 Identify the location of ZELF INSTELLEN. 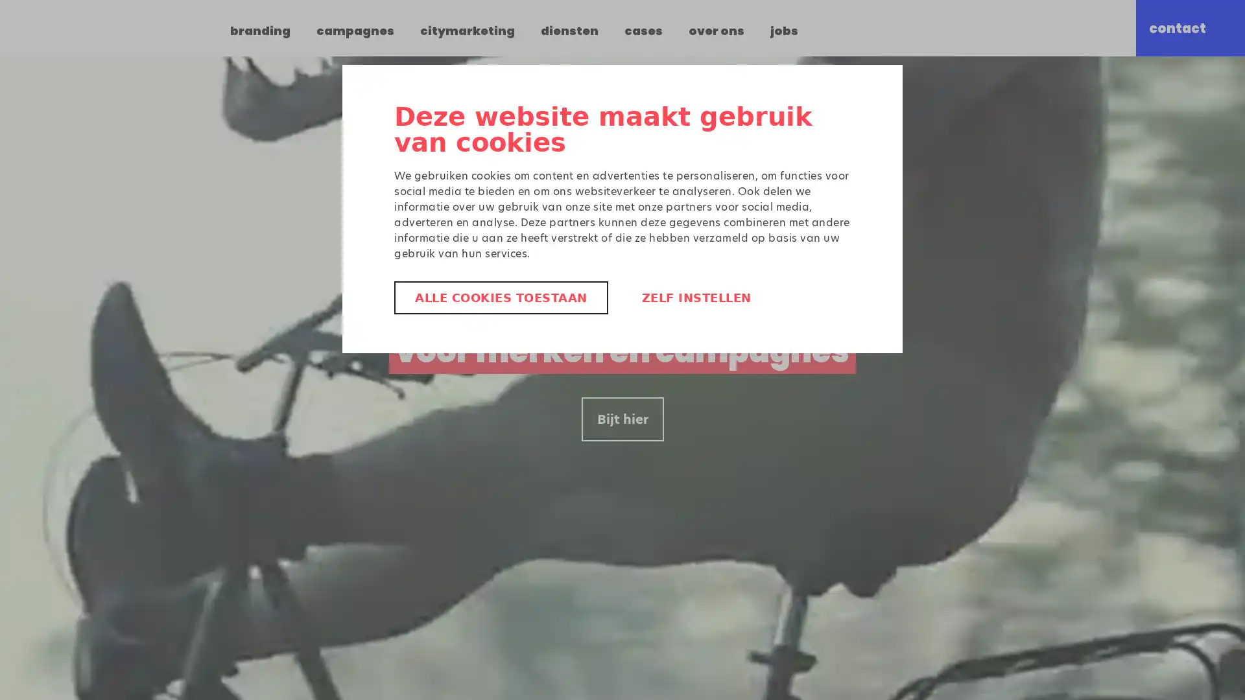
(695, 297).